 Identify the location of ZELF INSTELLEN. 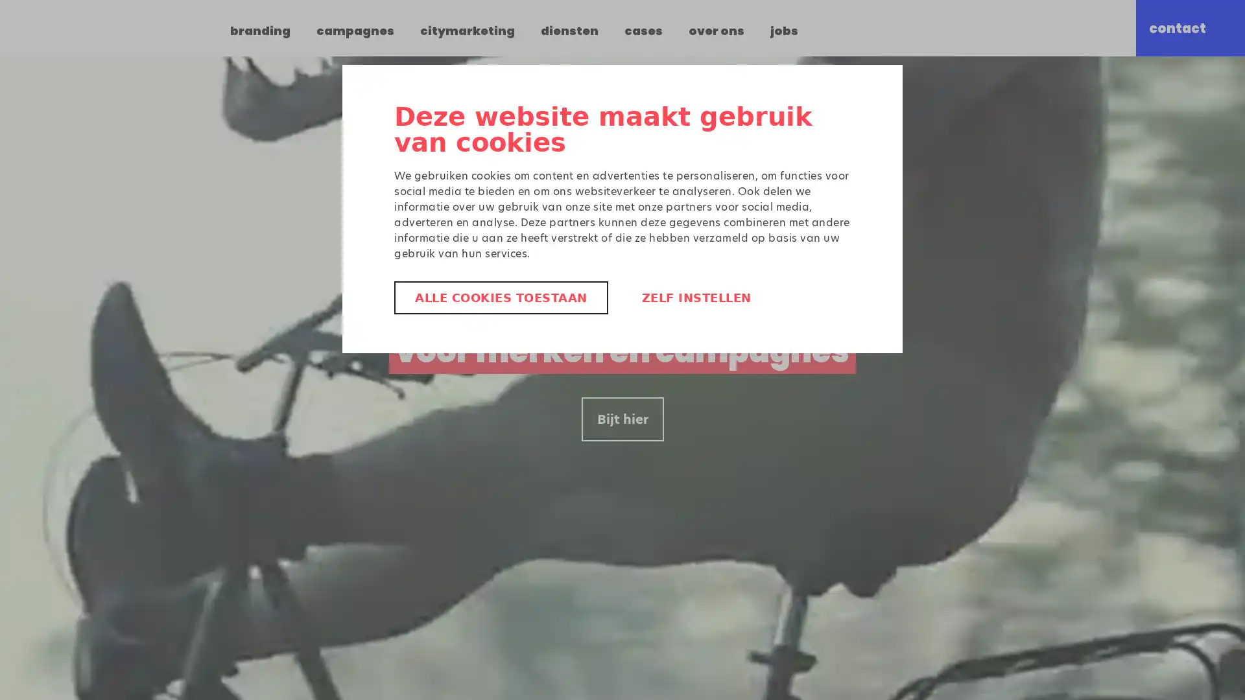
(695, 297).